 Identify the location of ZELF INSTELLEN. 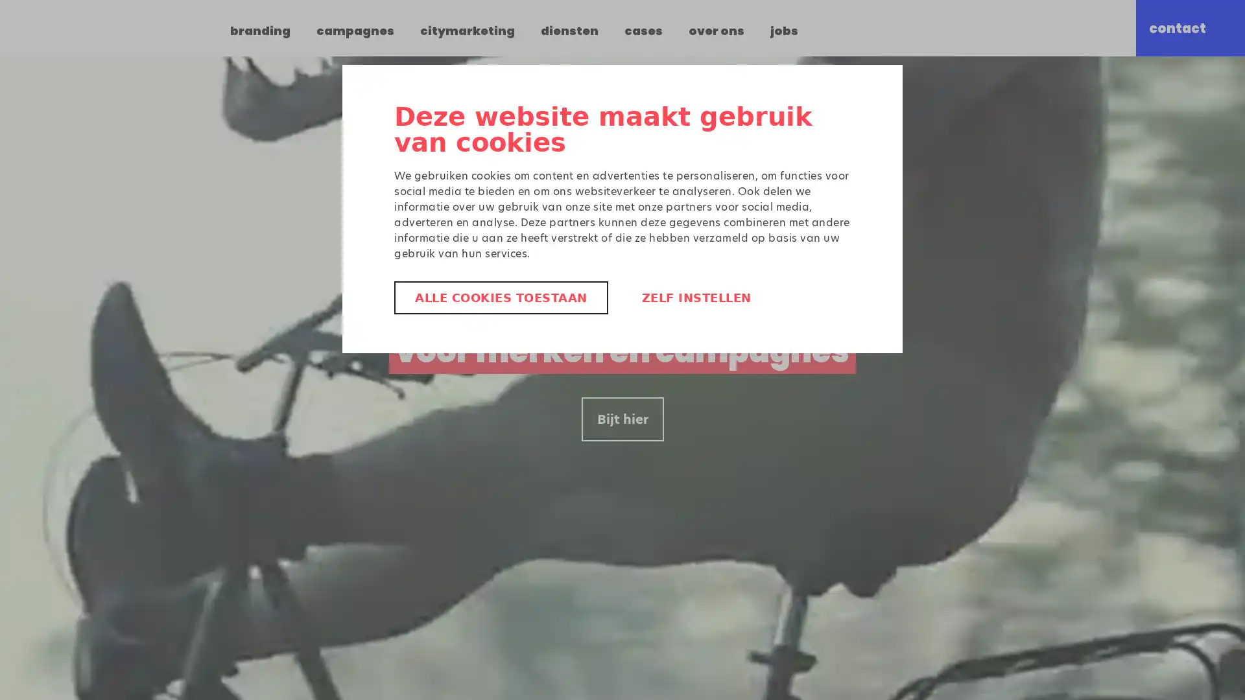
(695, 297).